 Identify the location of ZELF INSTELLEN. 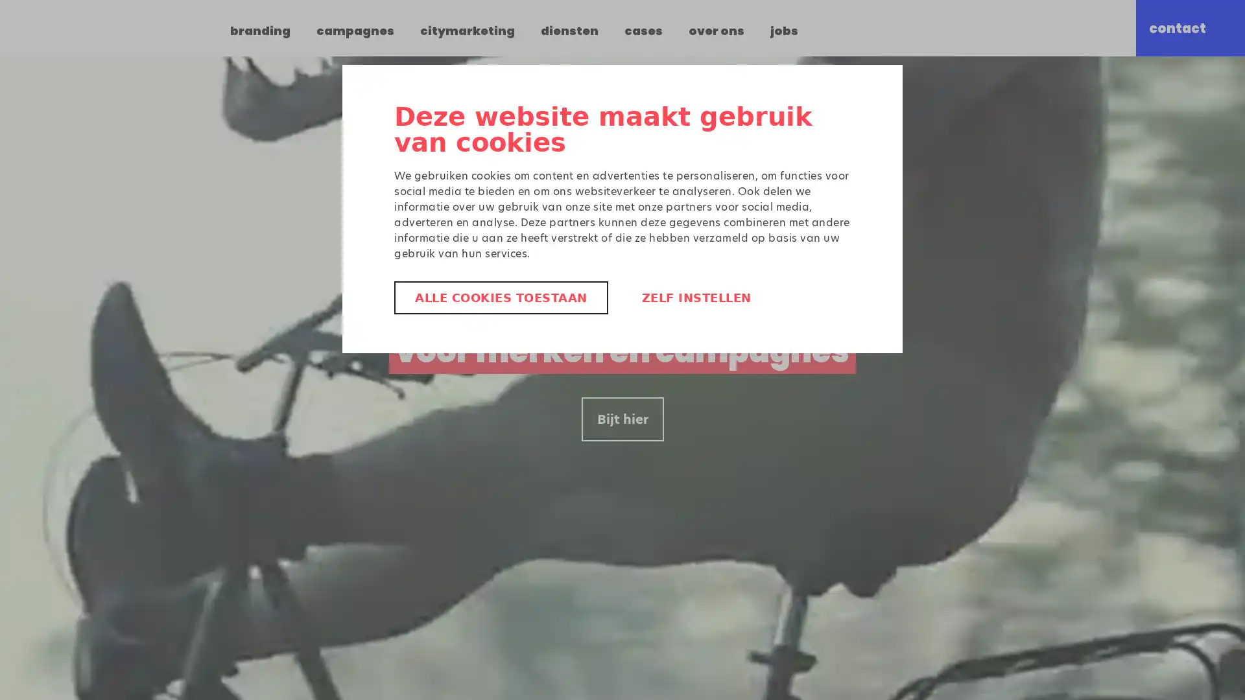
(695, 297).